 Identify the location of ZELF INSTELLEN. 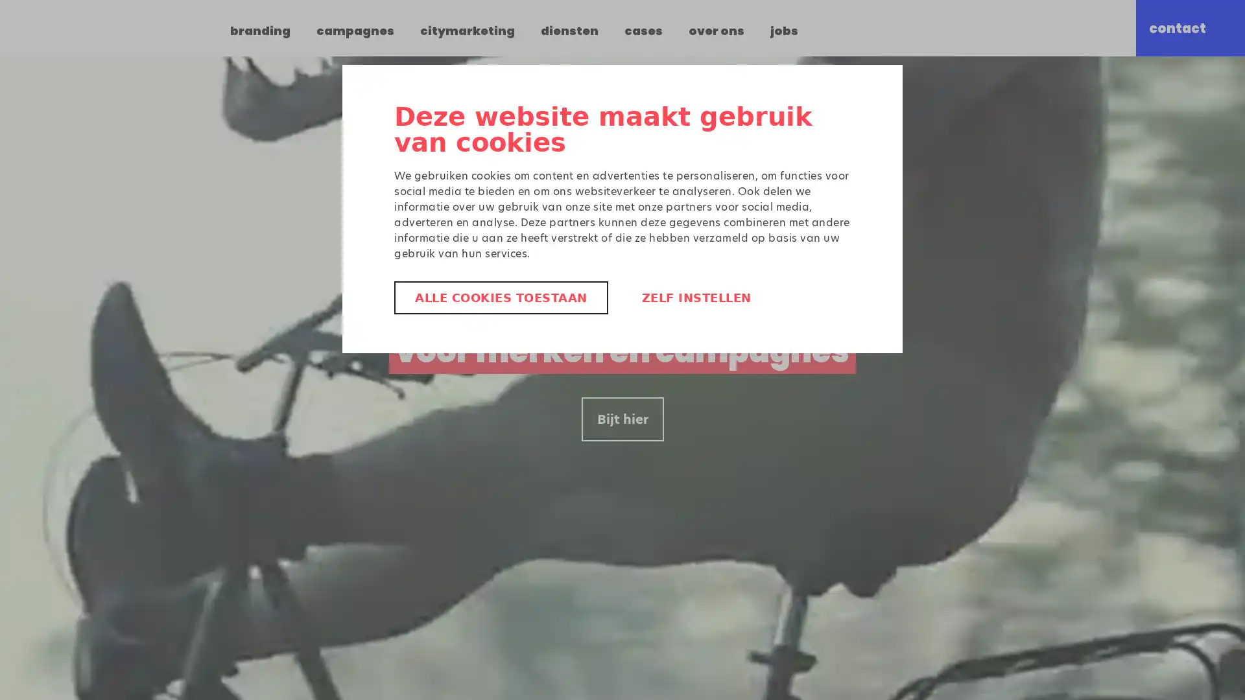
(695, 297).